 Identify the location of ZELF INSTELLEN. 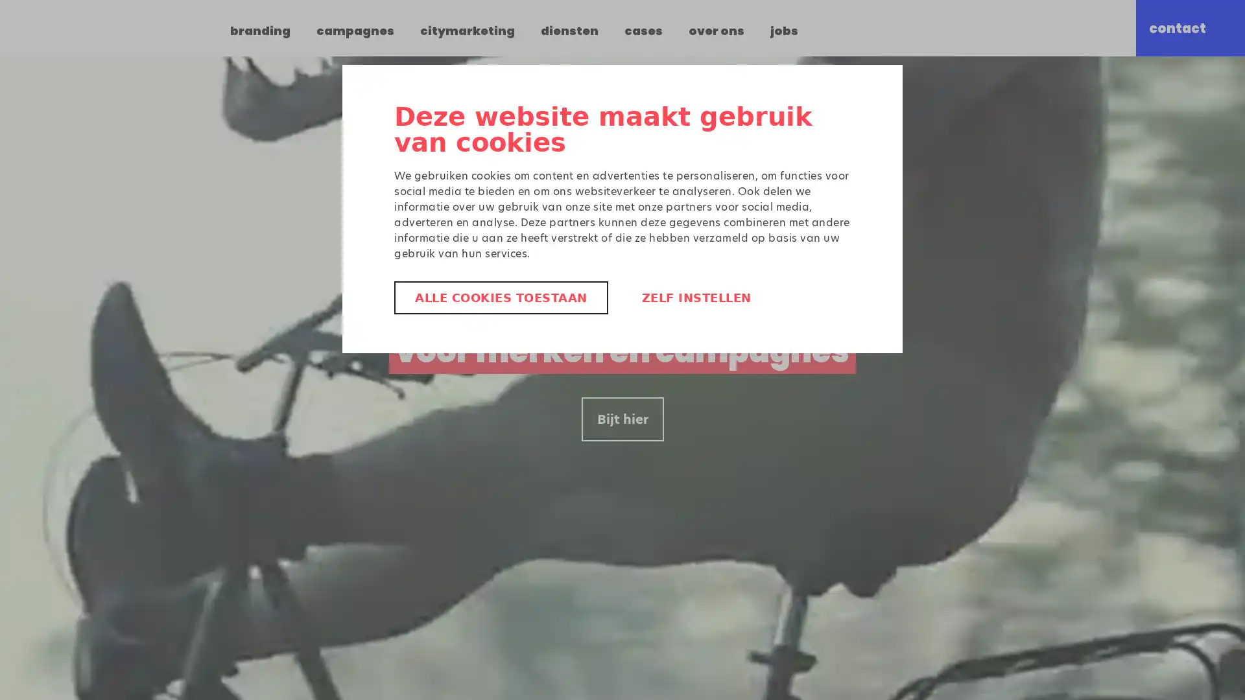
(695, 297).